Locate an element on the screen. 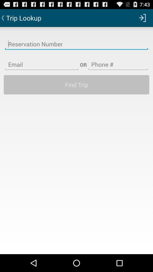 The width and height of the screenshot is (153, 272). the find trip button is located at coordinates (76, 84).